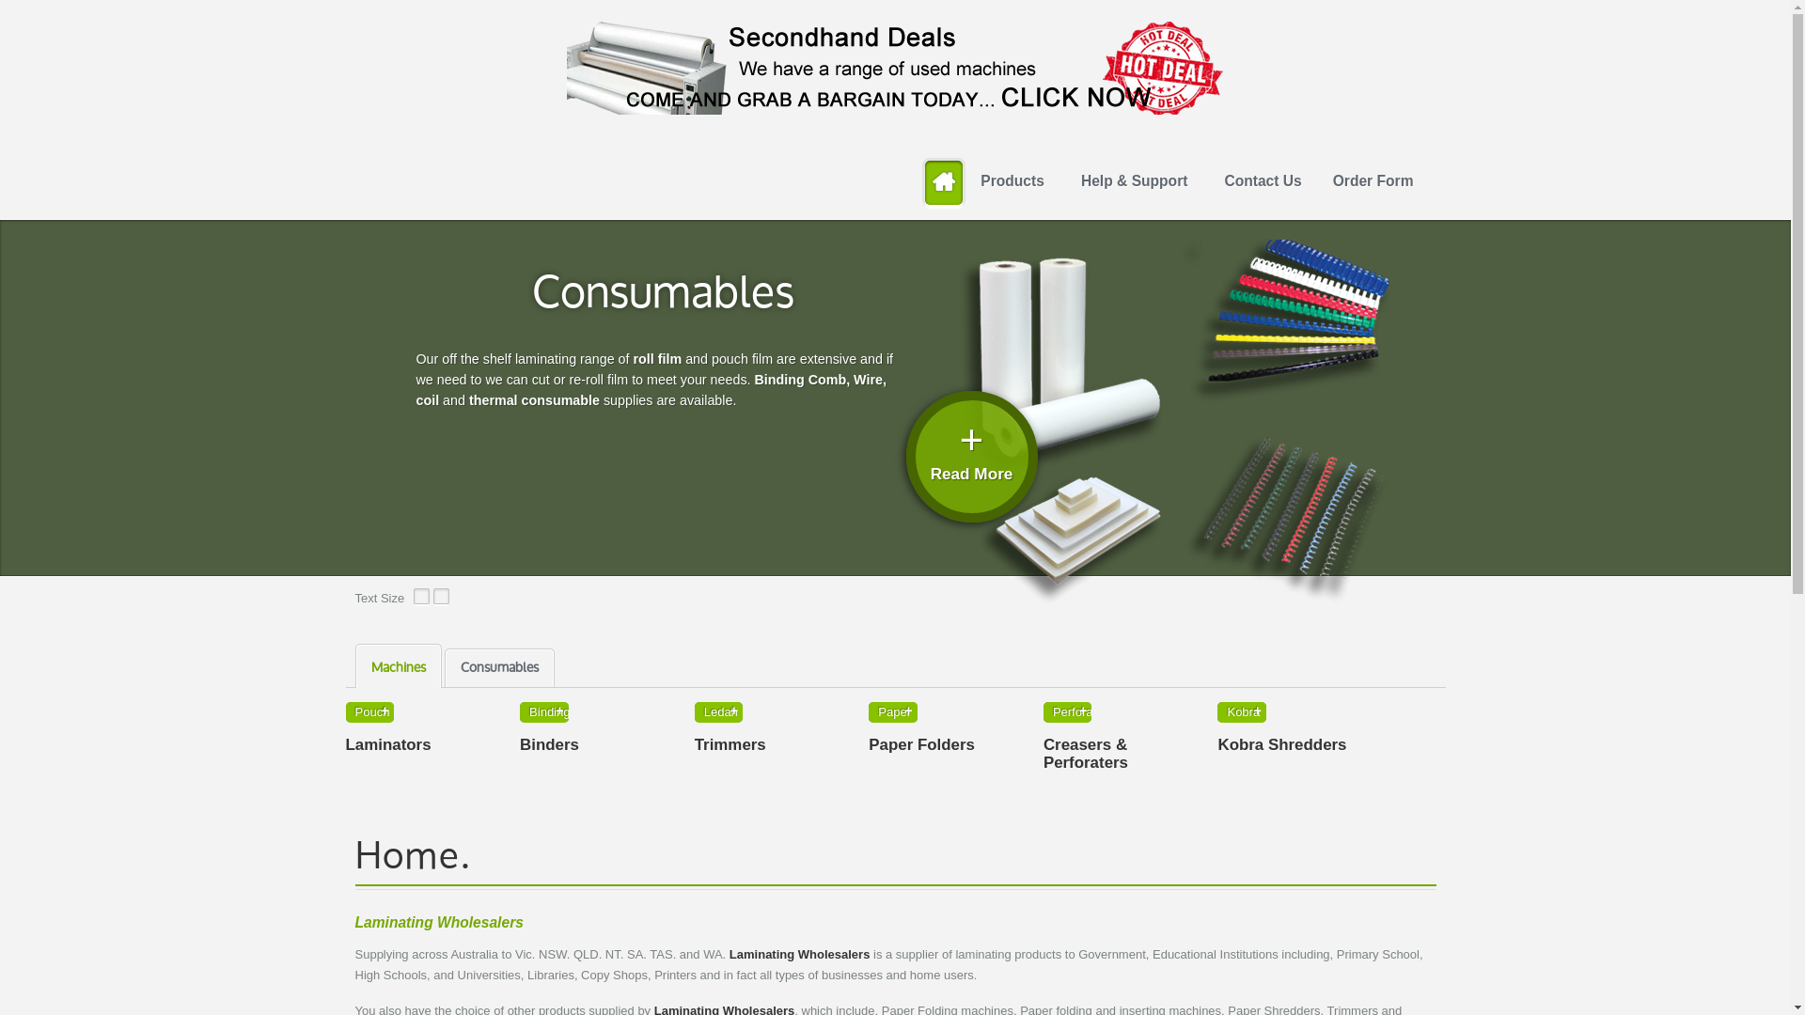  I want to click on '+, so click(971, 457).